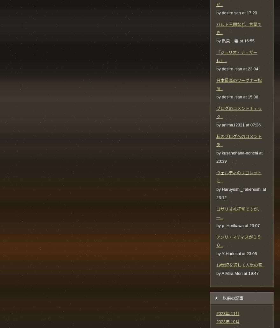 The width and height of the screenshot is (280, 328). What do you see at coordinates (216, 176) in the screenshot?
I see `'ヴェルディのリゴレットに..'` at bounding box center [216, 176].